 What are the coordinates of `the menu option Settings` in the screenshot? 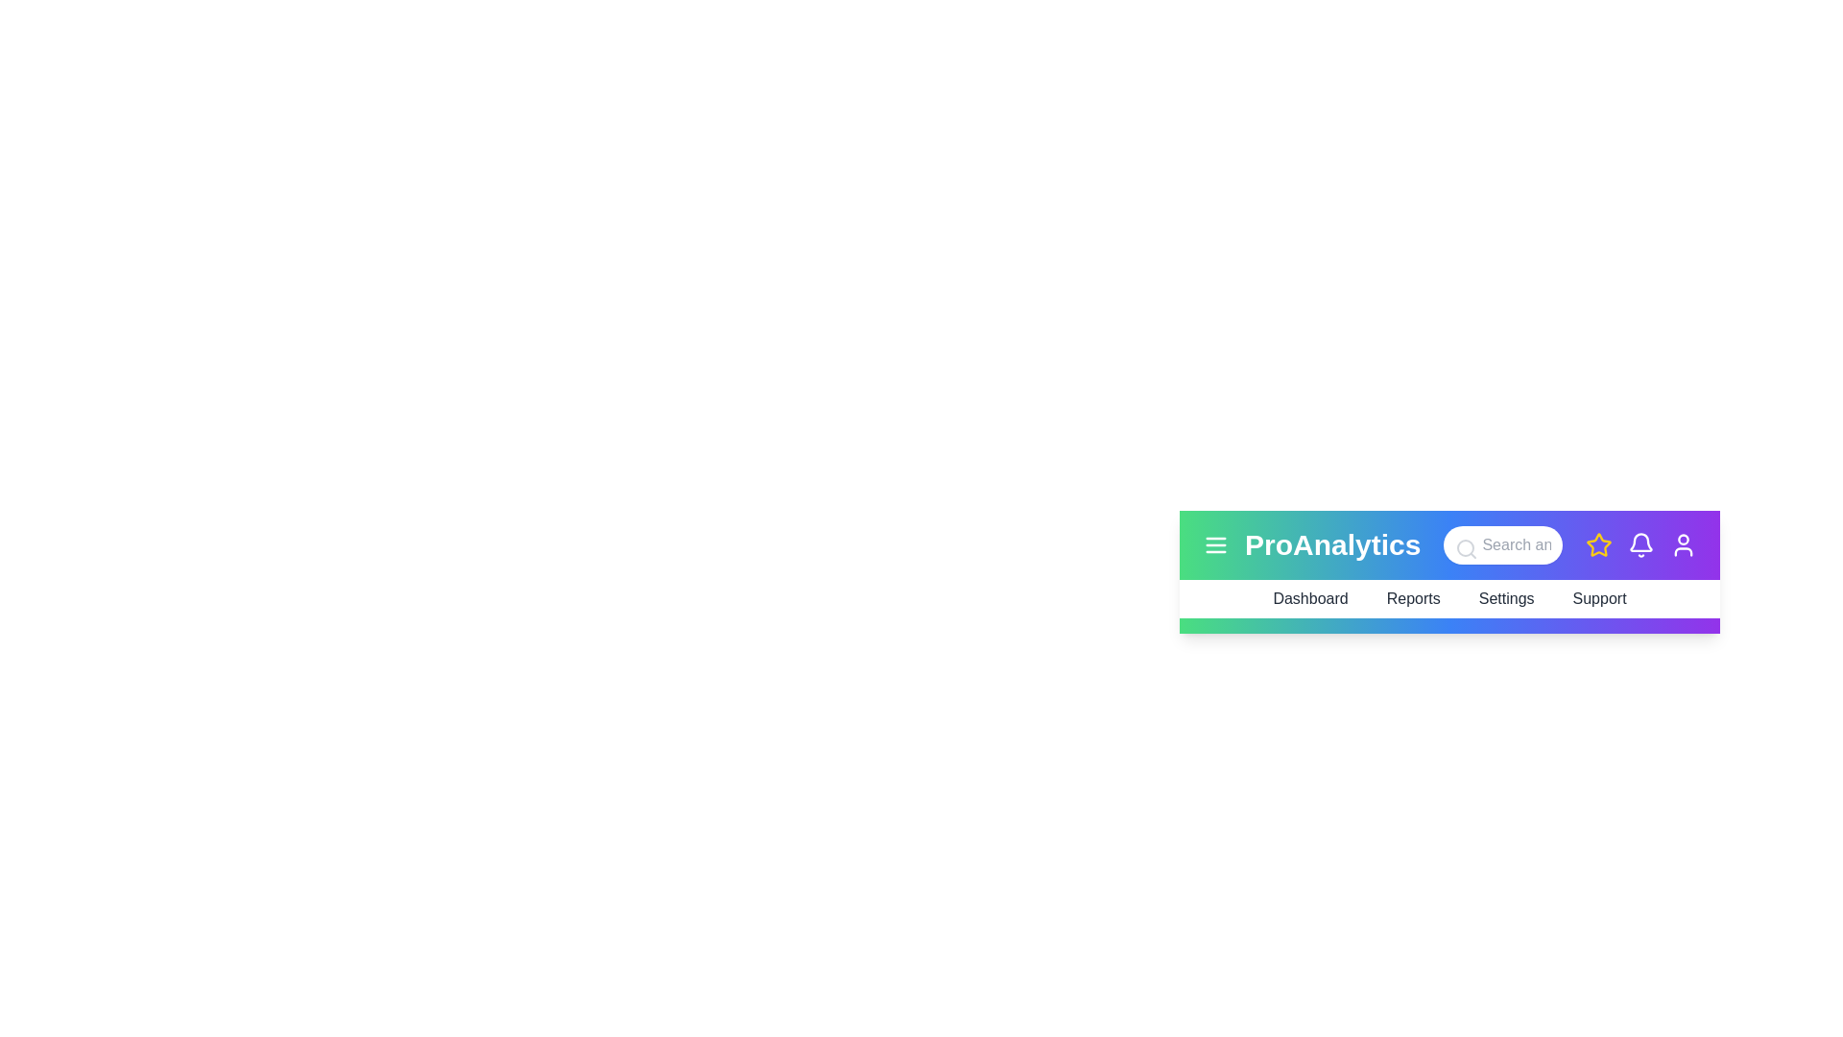 It's located at (1505, 598).